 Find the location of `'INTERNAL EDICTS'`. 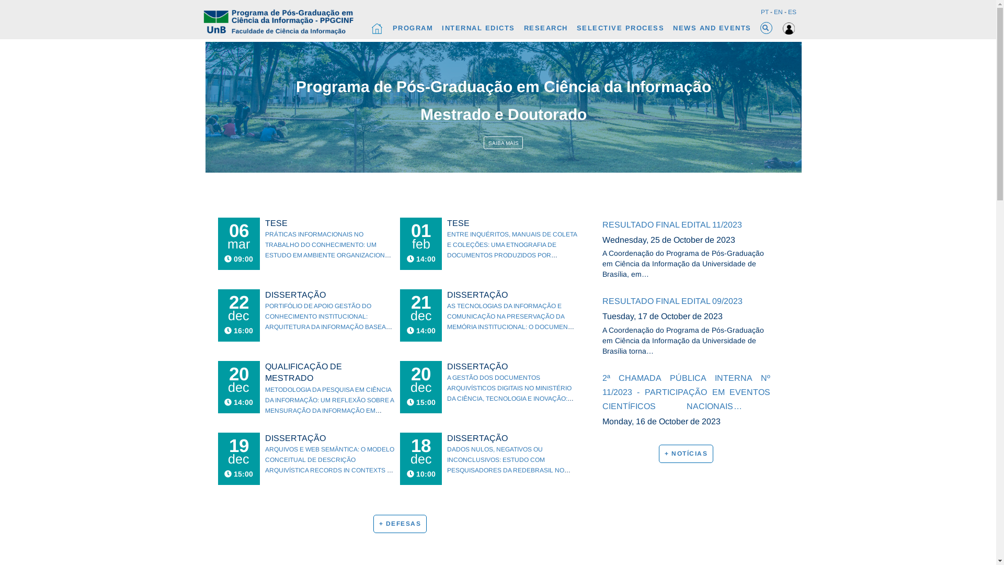

'INTERNAL EDICTS' is located at coordinates (478, 27).